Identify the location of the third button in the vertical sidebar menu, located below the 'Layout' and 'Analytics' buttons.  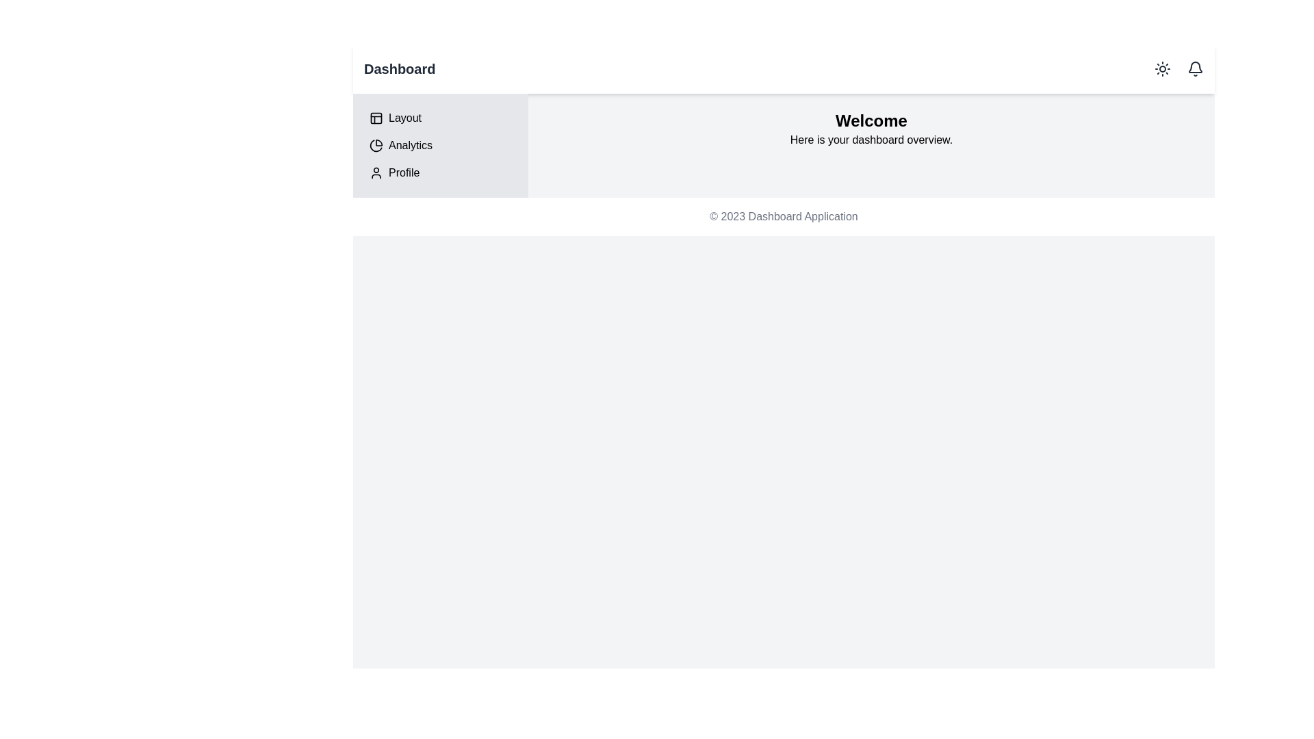
(440, 172).